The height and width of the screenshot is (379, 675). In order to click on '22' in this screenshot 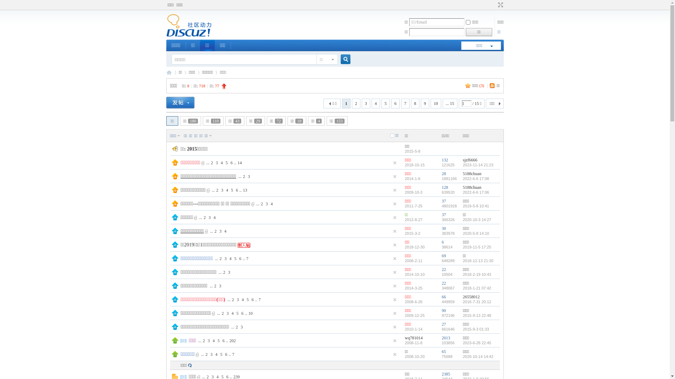, I will do `click(443, 282)`.